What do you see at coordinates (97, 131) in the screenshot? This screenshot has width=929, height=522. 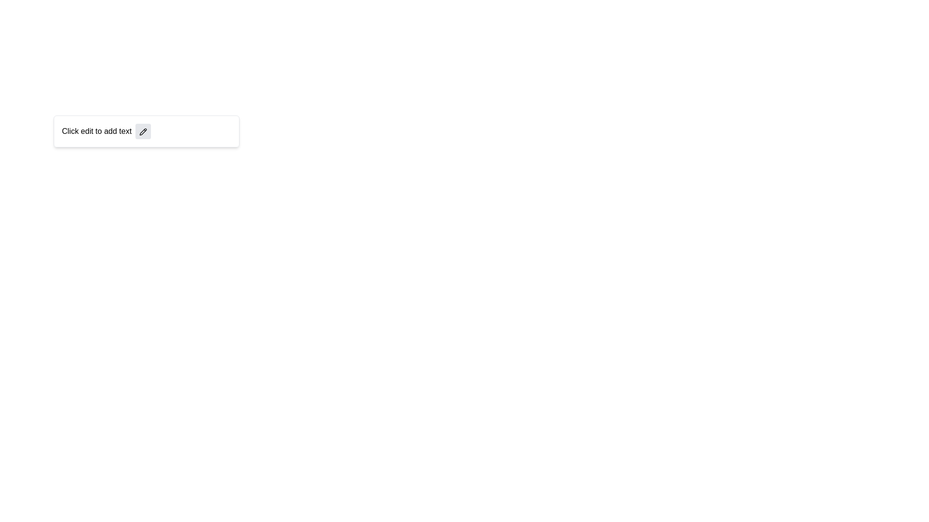 I see `the static text label that displays instructional text prompting the user to edit and add text` at bounding box center [97, 131].